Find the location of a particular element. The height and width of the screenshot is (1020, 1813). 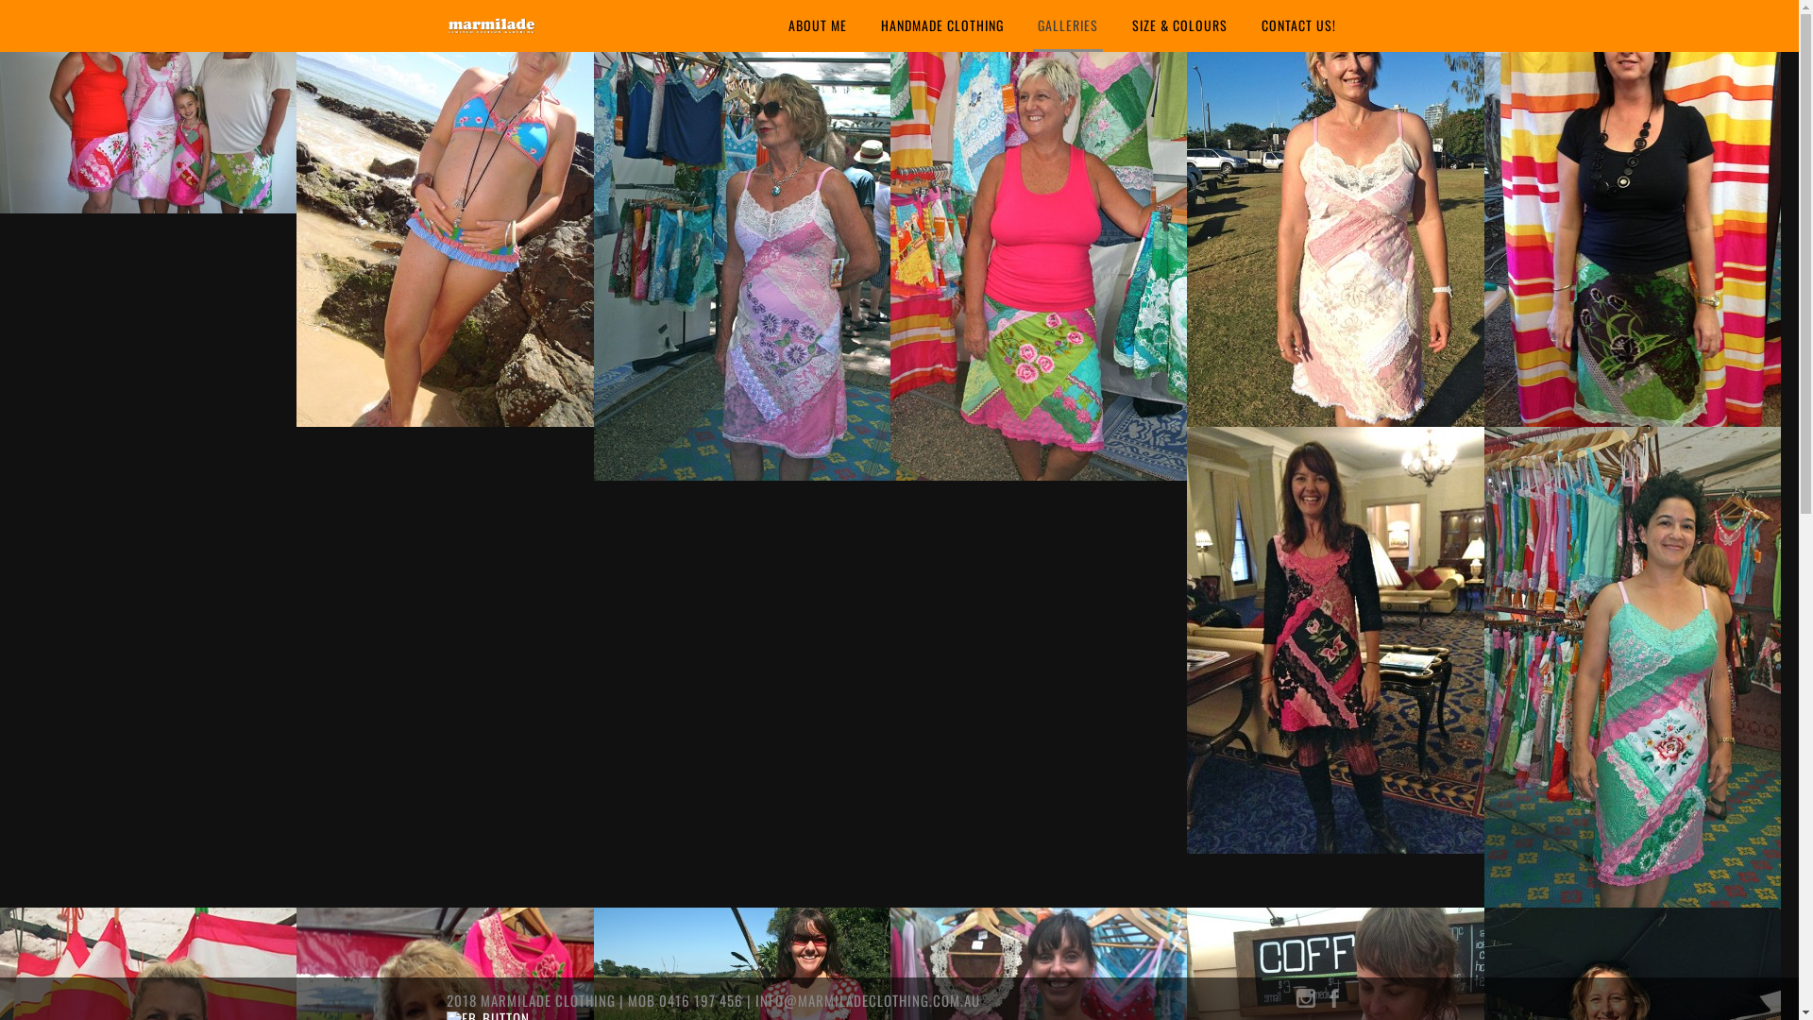

'HANDMADE CLOTHING' is located at coordinates (942, 25).